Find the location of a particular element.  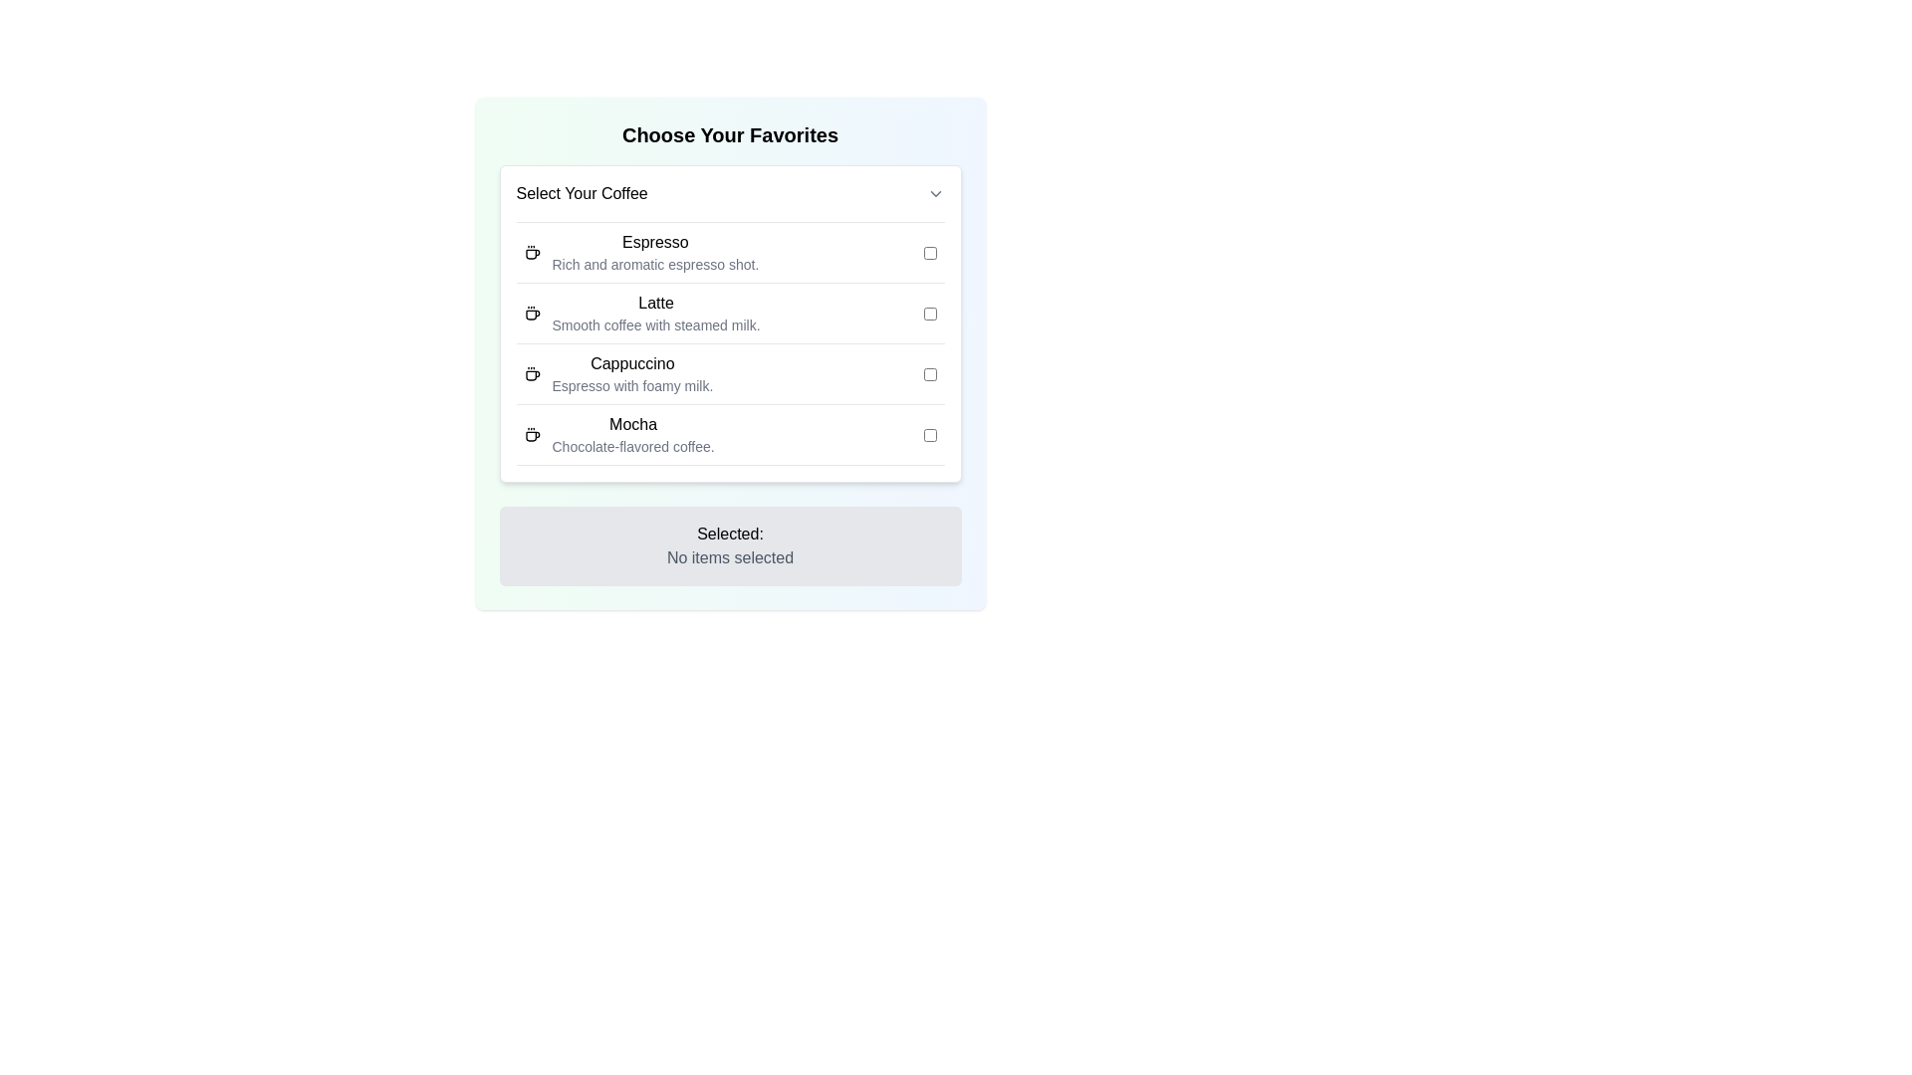

text of the 'Cappuccino' label located in the 'Select Your Coffee' section, which is the third option in the list, displaying 'Cappuccino' and its description 'Espresso with foamy milk.' is located at coordinates (631, 373).